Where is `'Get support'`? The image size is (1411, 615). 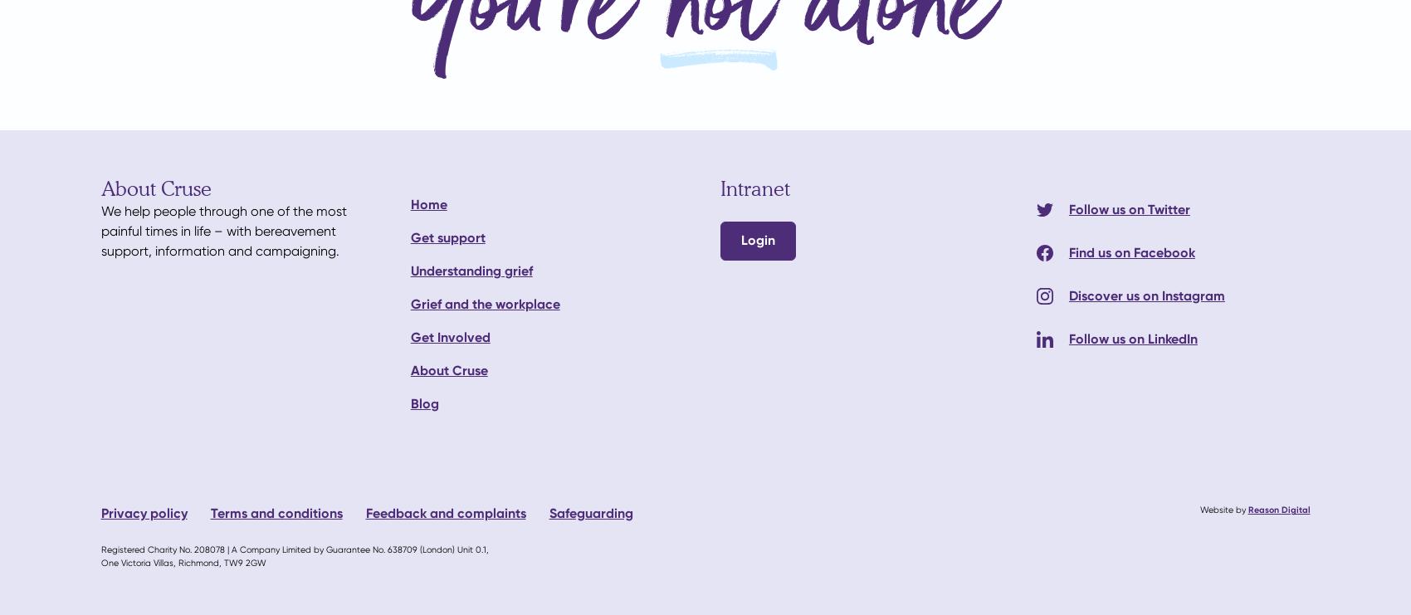 'Get support' is located at coordinates (447, 237).